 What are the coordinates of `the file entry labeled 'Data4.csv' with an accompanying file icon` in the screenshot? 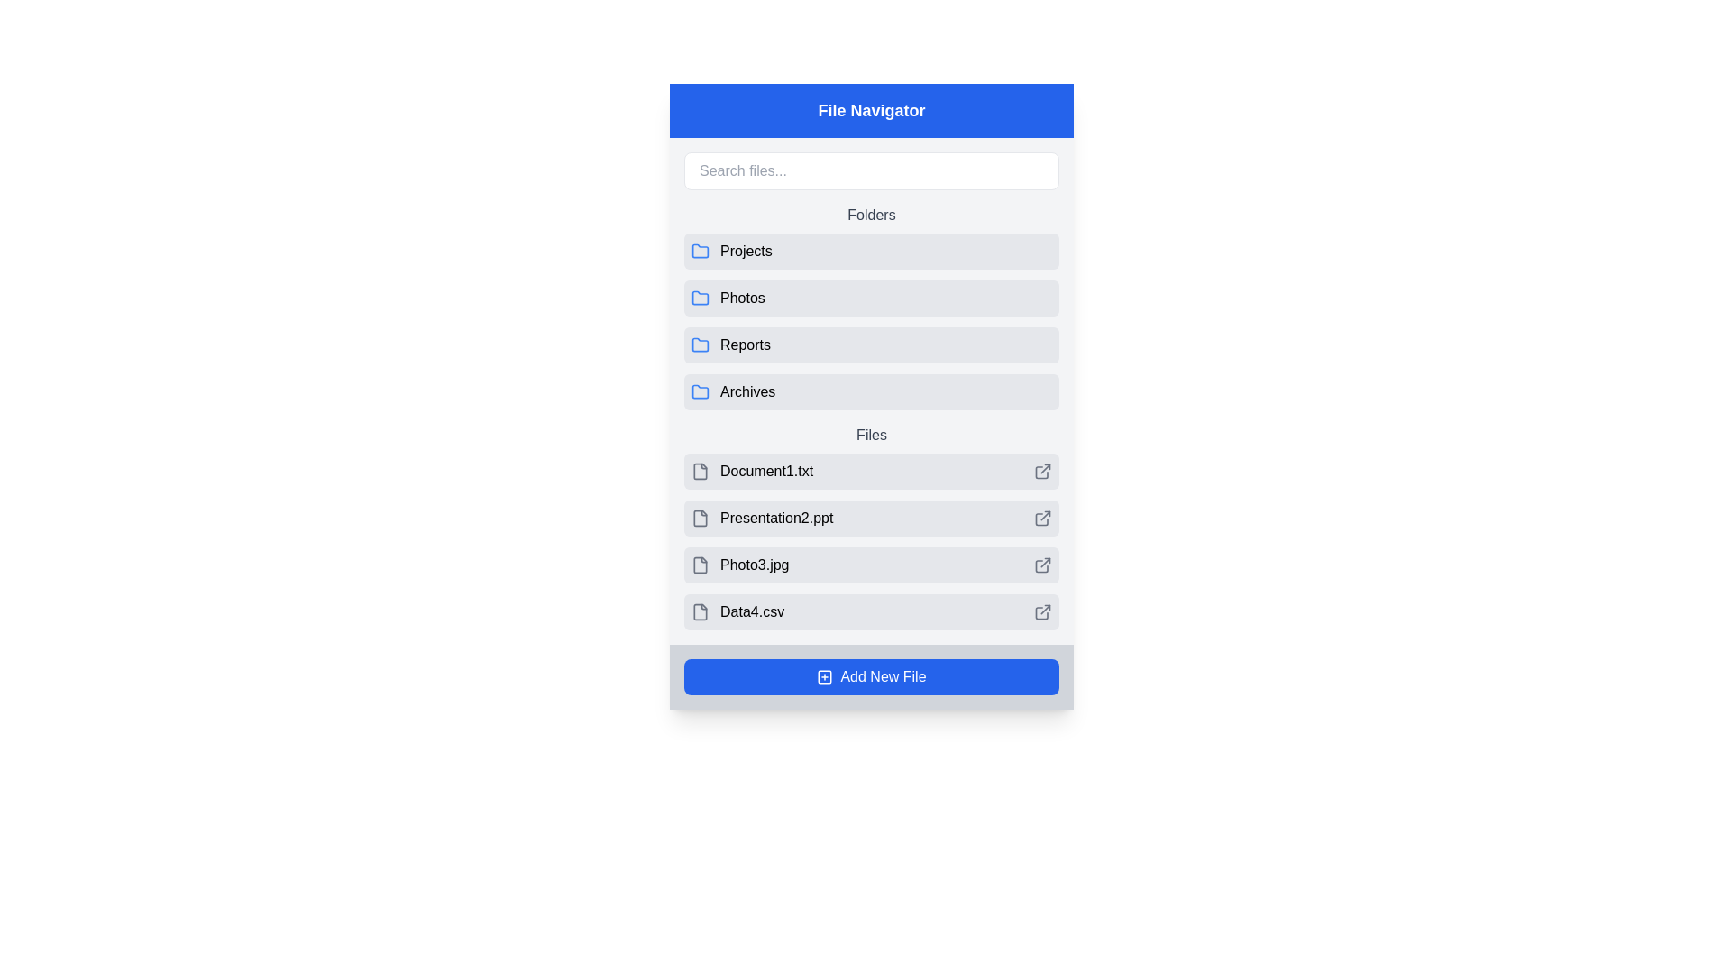 It's located at (737, 611).